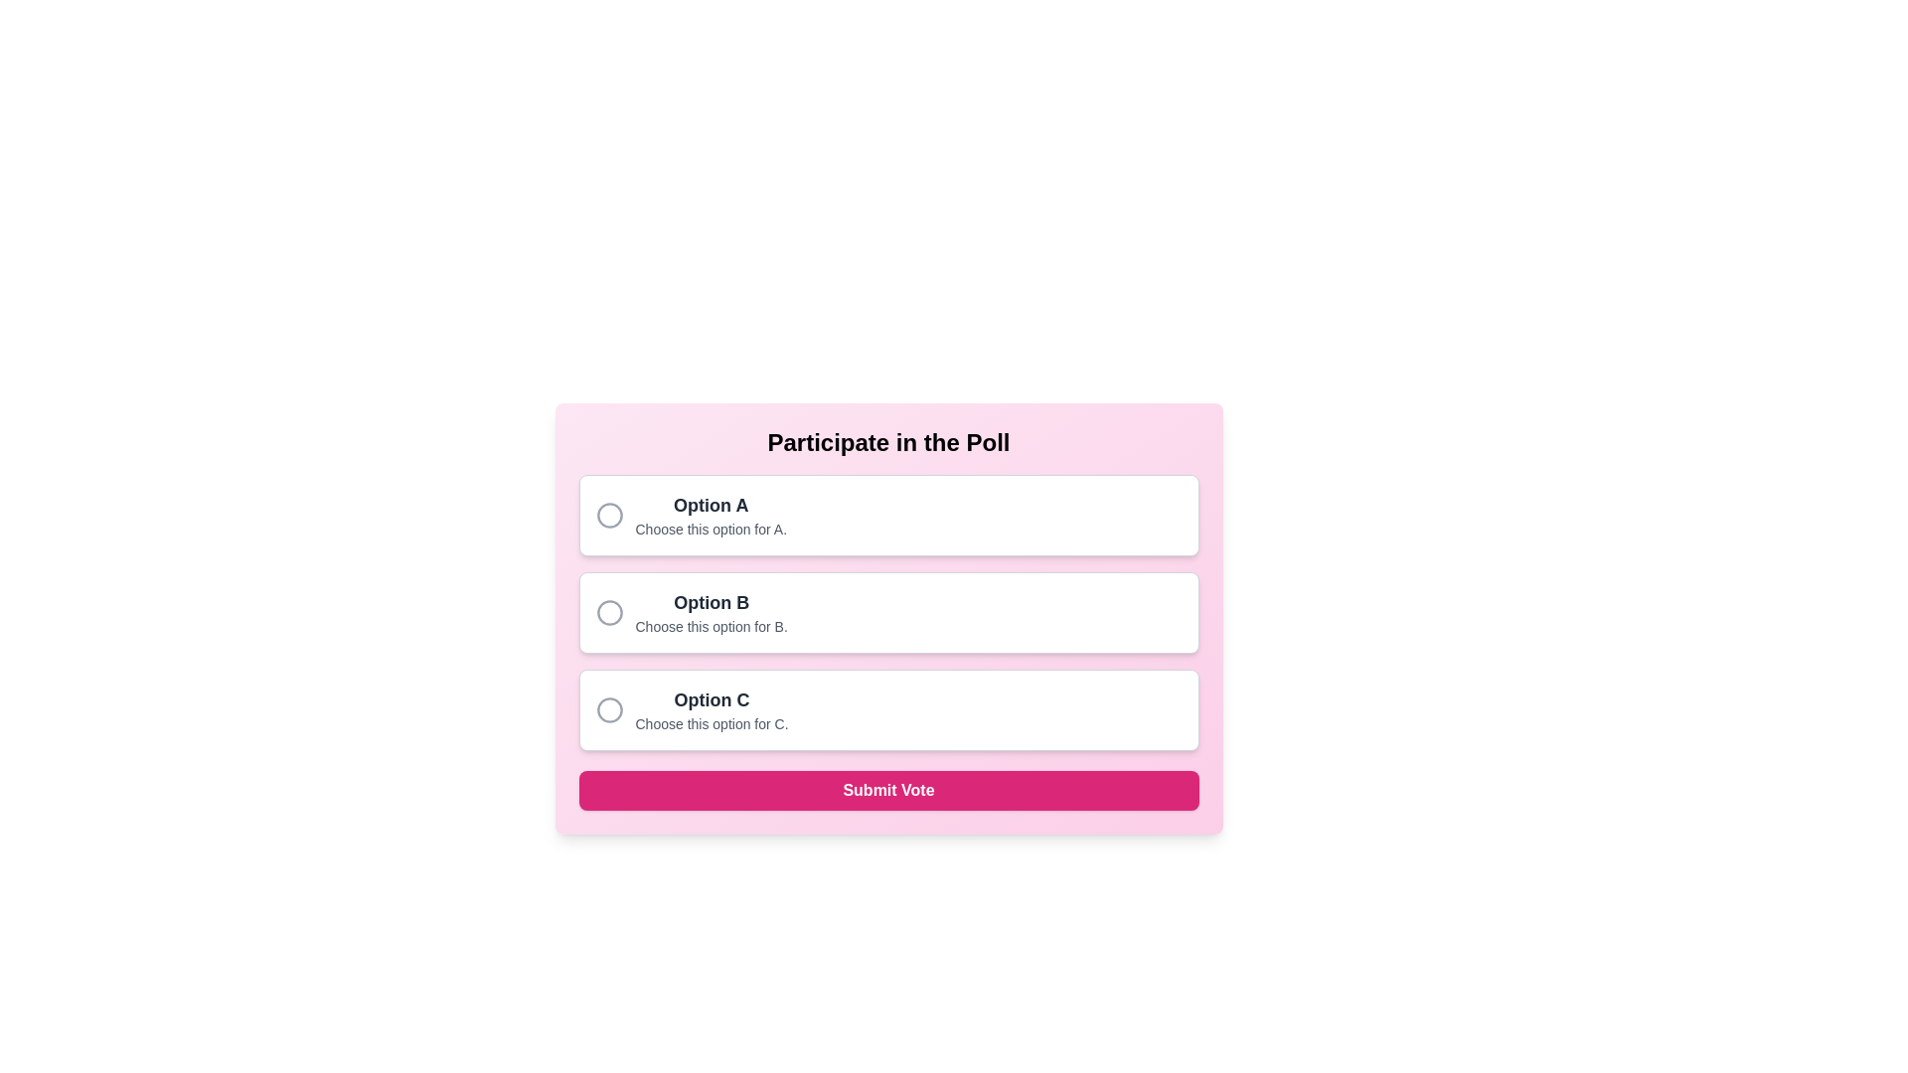 This screenshot has height=1073, width=1908. I want to click on the Text Group element that provides a descriptive label and explanation for 'Option A', located to the right of the circular radio button in the first selection row of the vertically-stacked list of options, so click(711, 515).